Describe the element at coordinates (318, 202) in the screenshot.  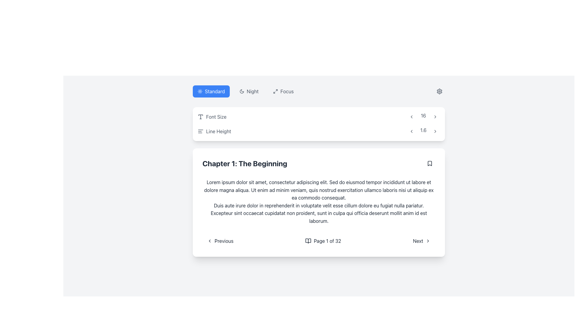
I see `the text block containing two paragraphs that starts with 'Lorem ipsum dolor sit amet' and is located beneath the title 'Chapter 1: The Beginning'` at that location.